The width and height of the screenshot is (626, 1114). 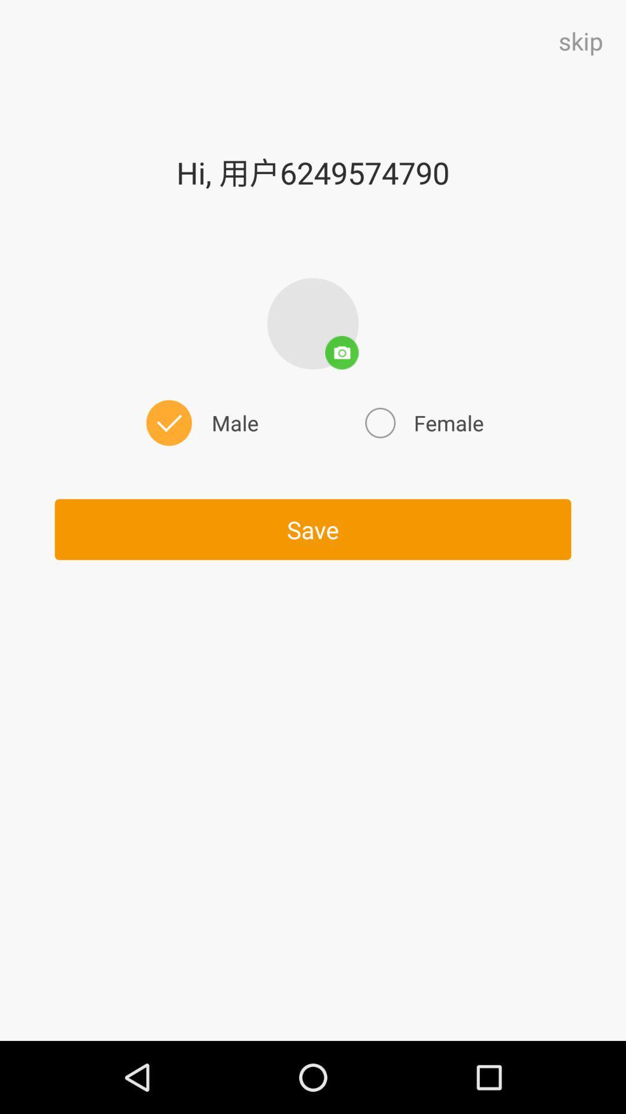 I want to click on the icon above female icon, so click(x=313, y=323).